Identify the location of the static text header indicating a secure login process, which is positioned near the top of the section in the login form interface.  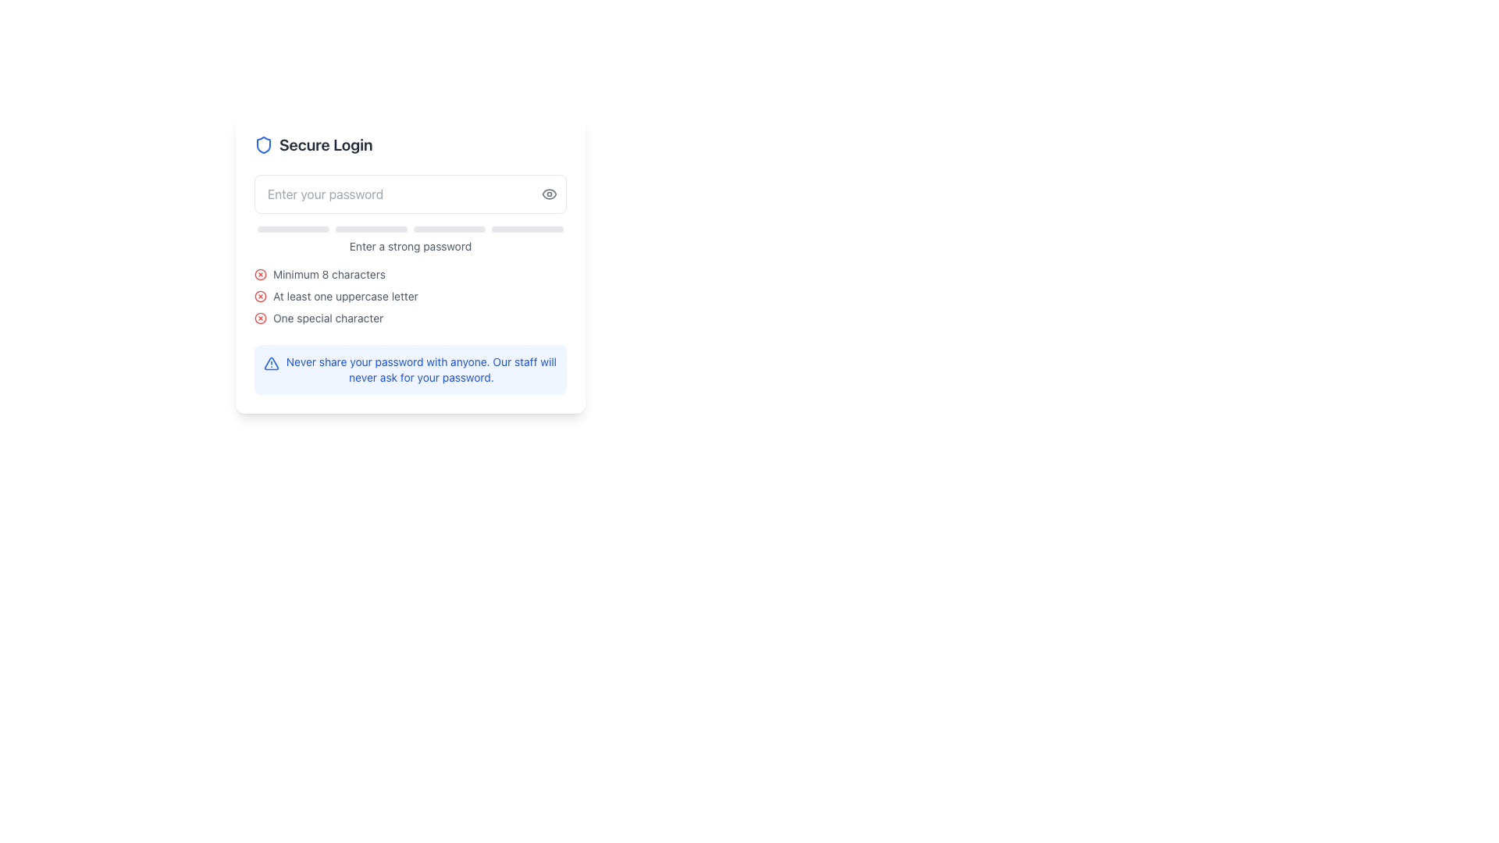
(325, 144).